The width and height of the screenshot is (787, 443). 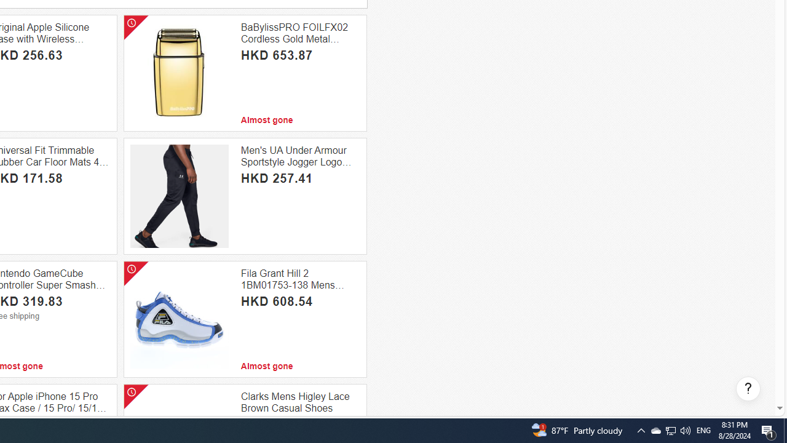 What do you see at coordinates (748, 389) in the screenshot?
I see `'Help, opens dialogs'` at bounding box center [748, 389].